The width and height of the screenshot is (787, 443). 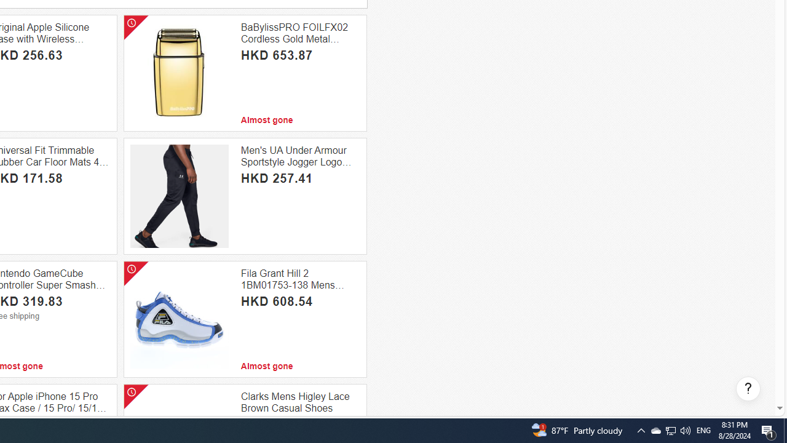 What do you see at coordinates (748, 389) in the screenshot?
I see `'Help, opens dialogs'` at bounding box center [748, 389].